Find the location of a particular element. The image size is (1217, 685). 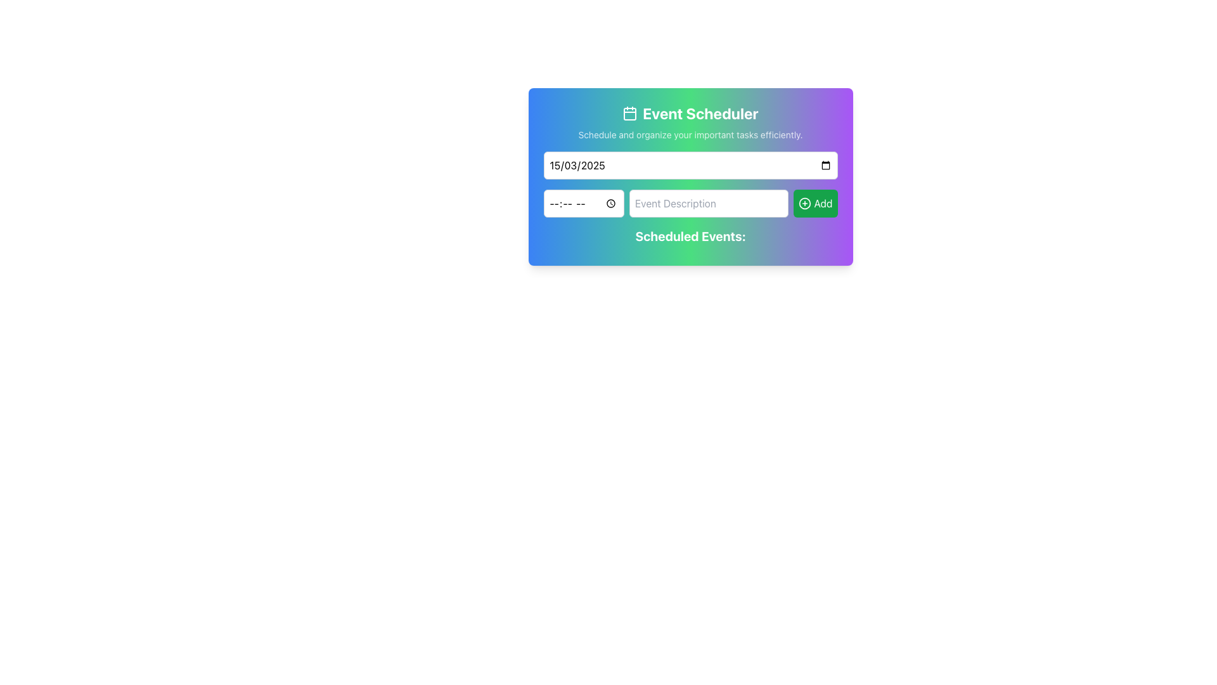

the bold text label reading 'Scheduled Events:' in white color, located at the bottom of the 'Event Scheduler' card, below the input fields and 'Add' button is located at coordinates (690, 237).